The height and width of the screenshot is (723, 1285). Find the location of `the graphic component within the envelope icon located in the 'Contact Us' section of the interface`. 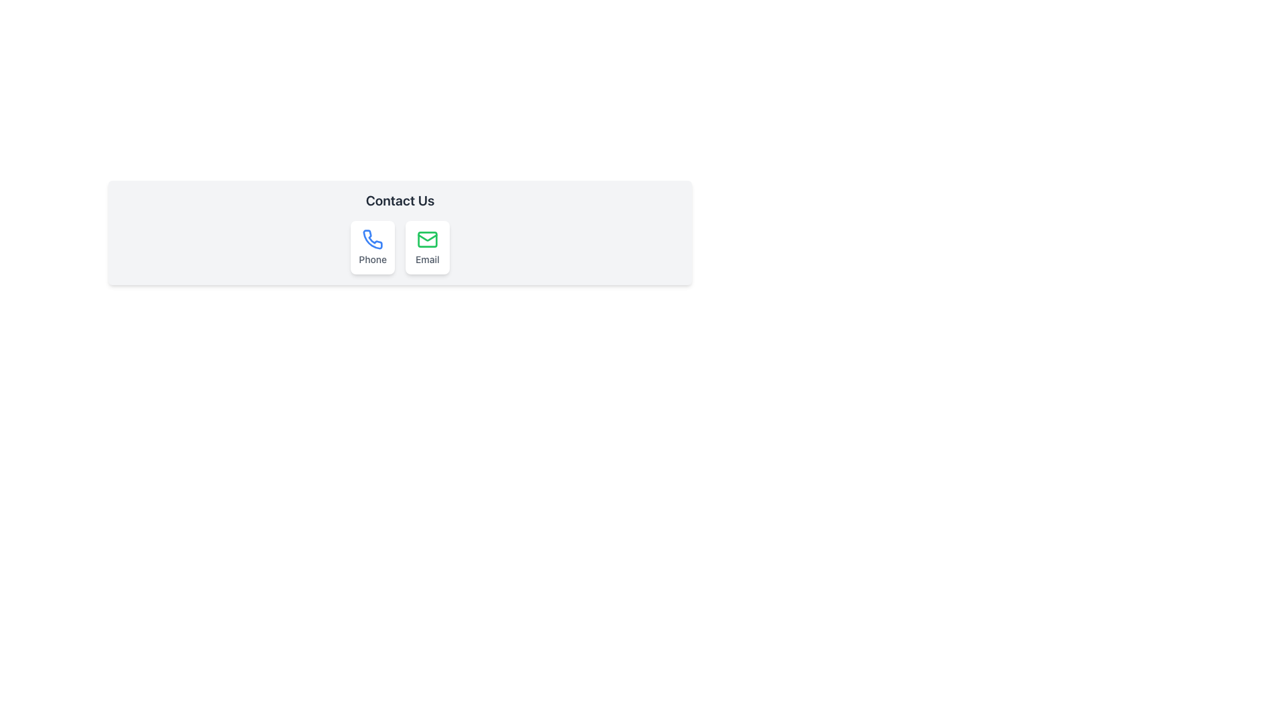

the graphic component within the envelope icon located in the 'Contact Us' section of the interface is located at coordinates (426, 239).